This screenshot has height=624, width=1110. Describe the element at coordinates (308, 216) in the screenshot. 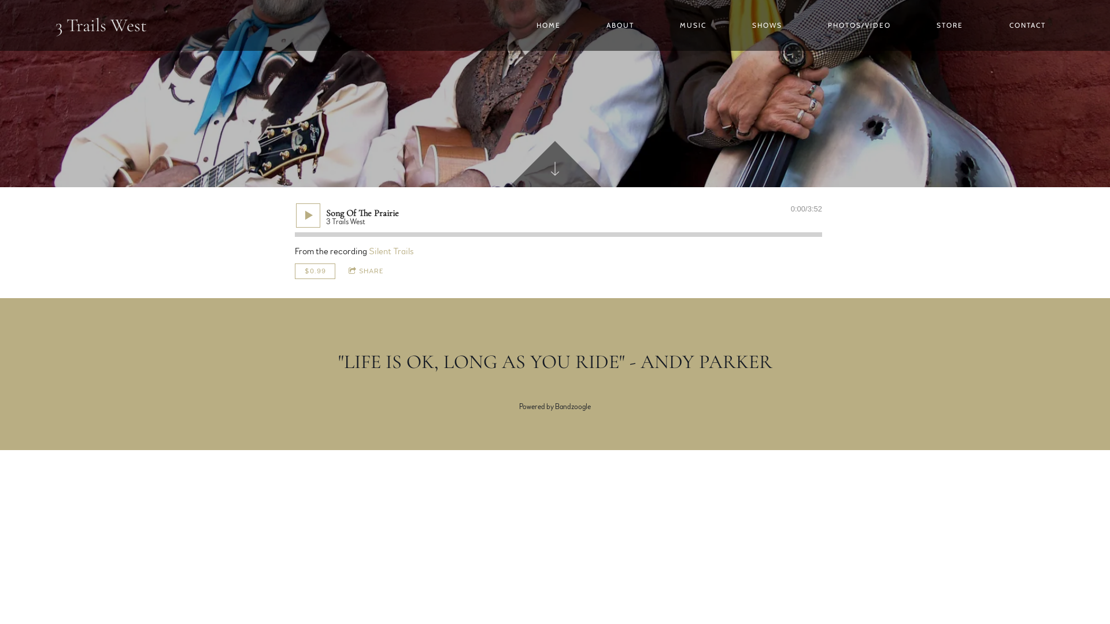

I see `'Play'` at that location.